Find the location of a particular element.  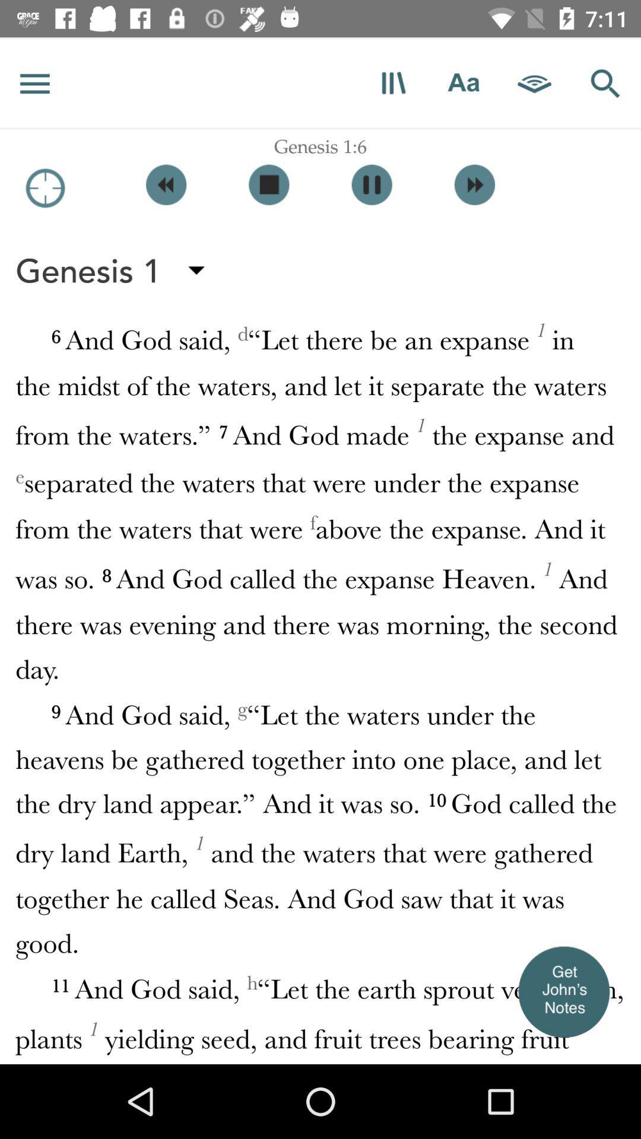

the av_forward icon is located at coordinates (474, 184).